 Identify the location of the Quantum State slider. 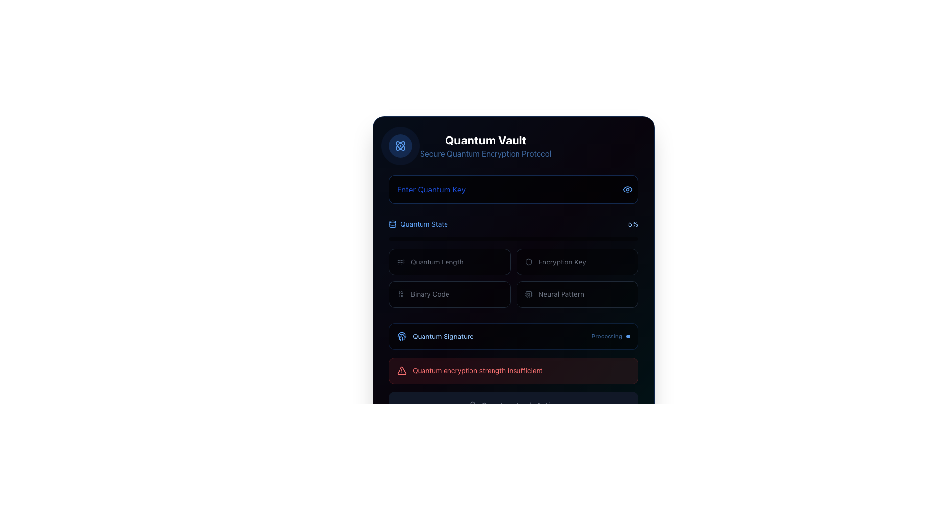
(568, 239).